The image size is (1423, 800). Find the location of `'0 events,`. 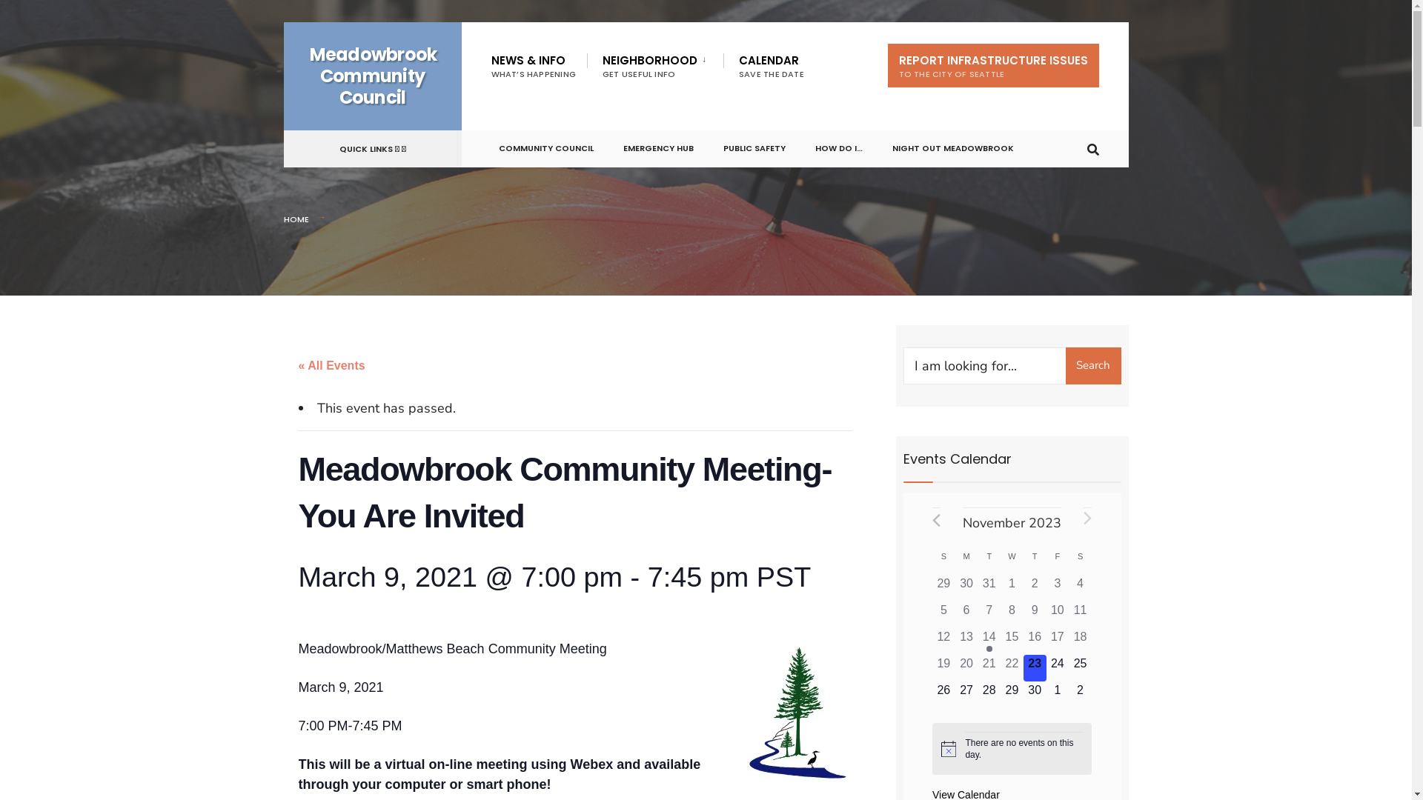

'0 events, is located at coordinates (989, 614).